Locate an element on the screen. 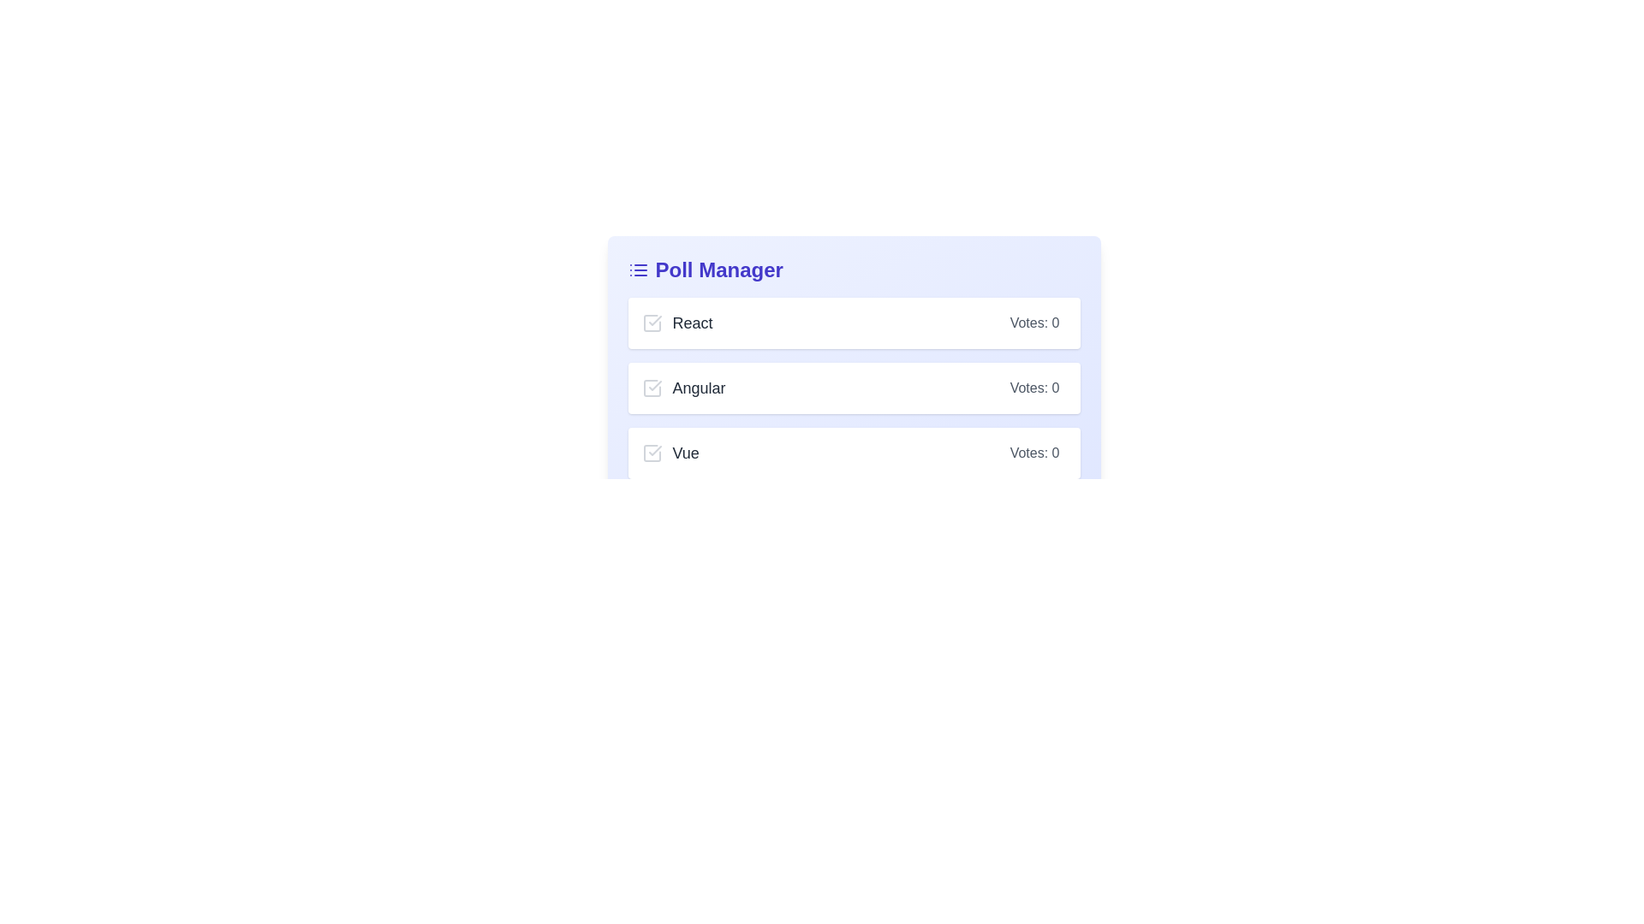  the list layout icon located in the top-left corner of the 'Poll Manager' section, to the left of the 'Poll Manager' text header is located at coordinates (637, 269).